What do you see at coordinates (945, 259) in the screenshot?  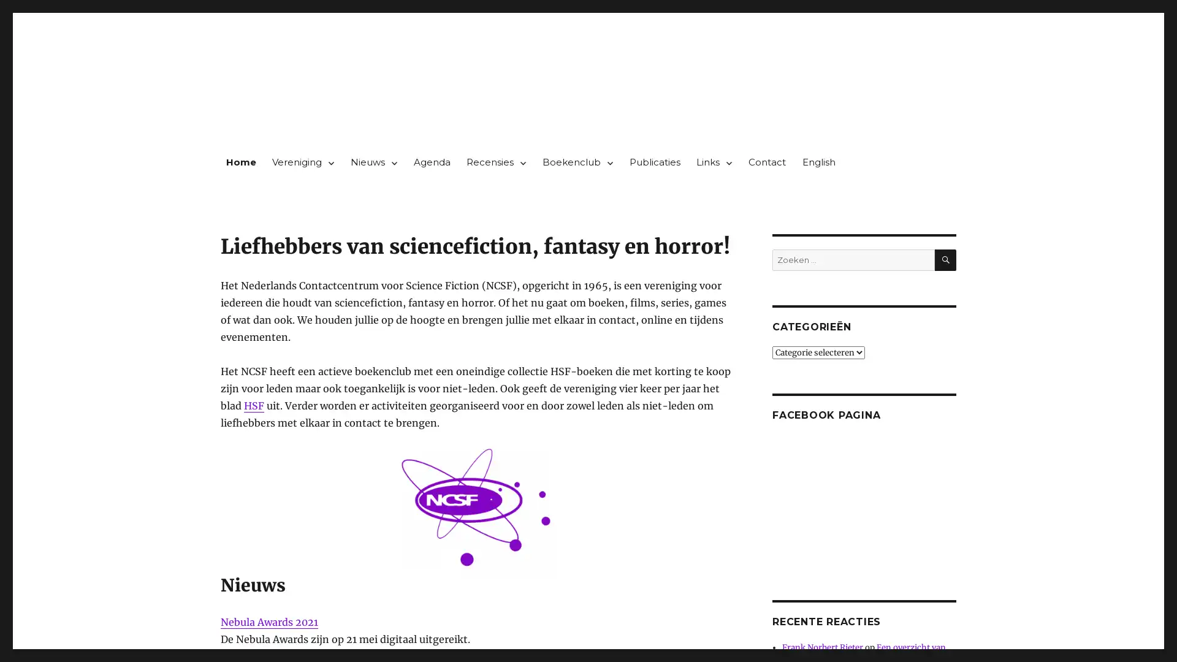 I see `ZOEKEN` at bounding box center [945, 259].